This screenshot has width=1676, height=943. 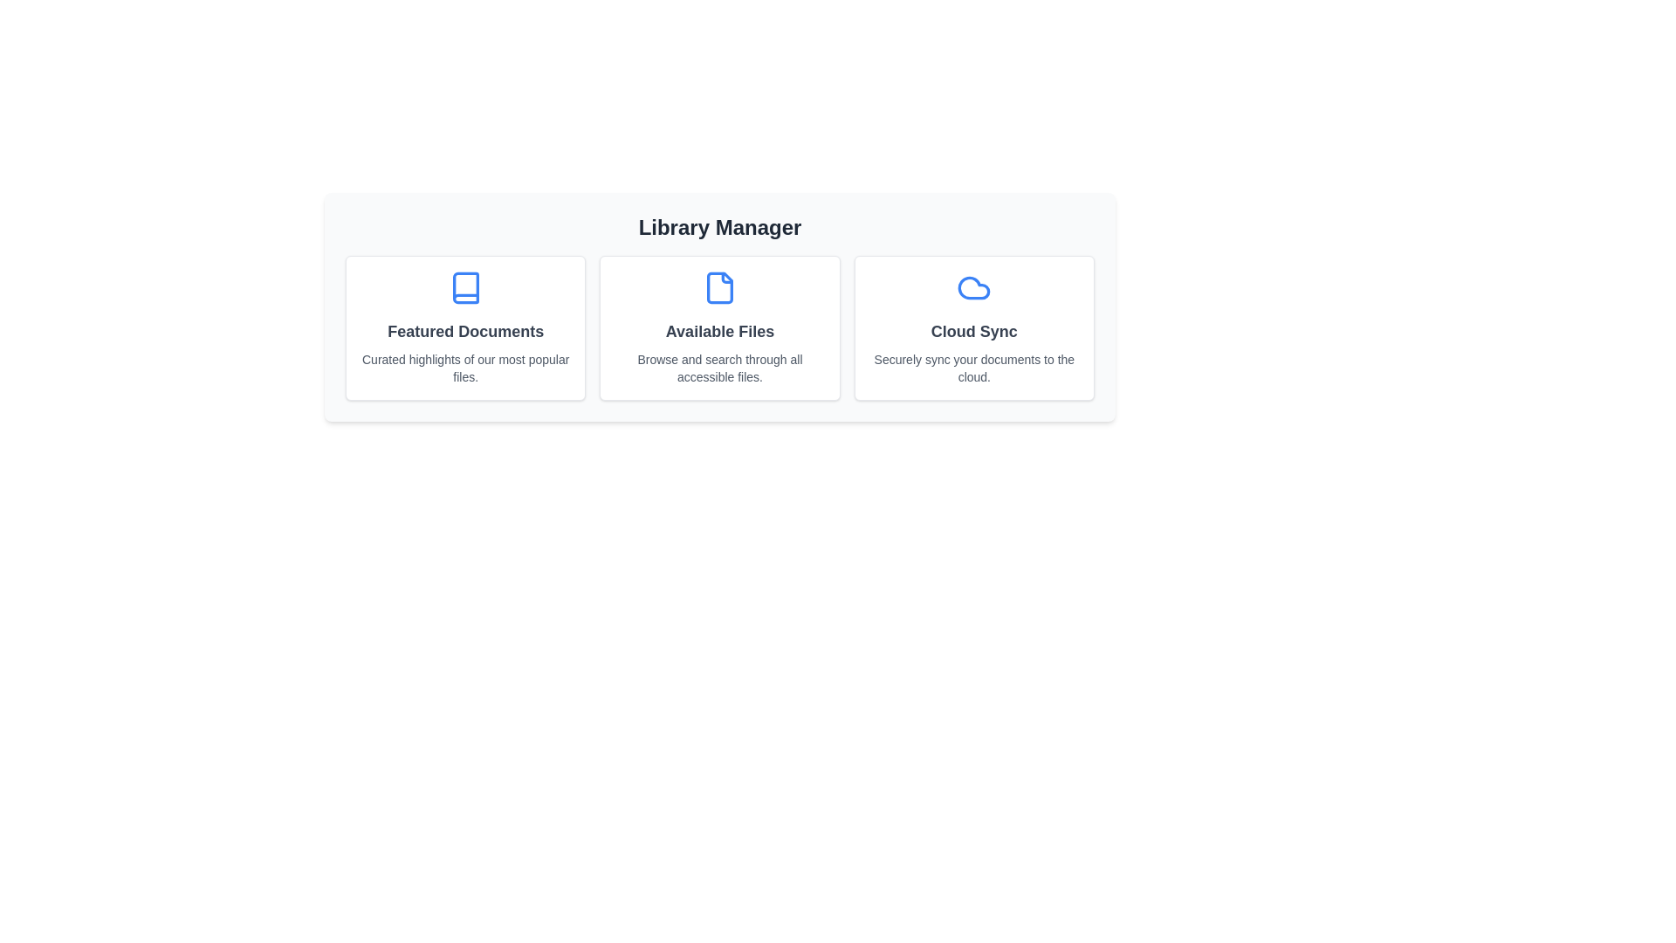 What do you see at coordinates (465, 327) in the screenshot?
I see `the Featured Documents section card to explore its details` at bounding box center [465, 327].